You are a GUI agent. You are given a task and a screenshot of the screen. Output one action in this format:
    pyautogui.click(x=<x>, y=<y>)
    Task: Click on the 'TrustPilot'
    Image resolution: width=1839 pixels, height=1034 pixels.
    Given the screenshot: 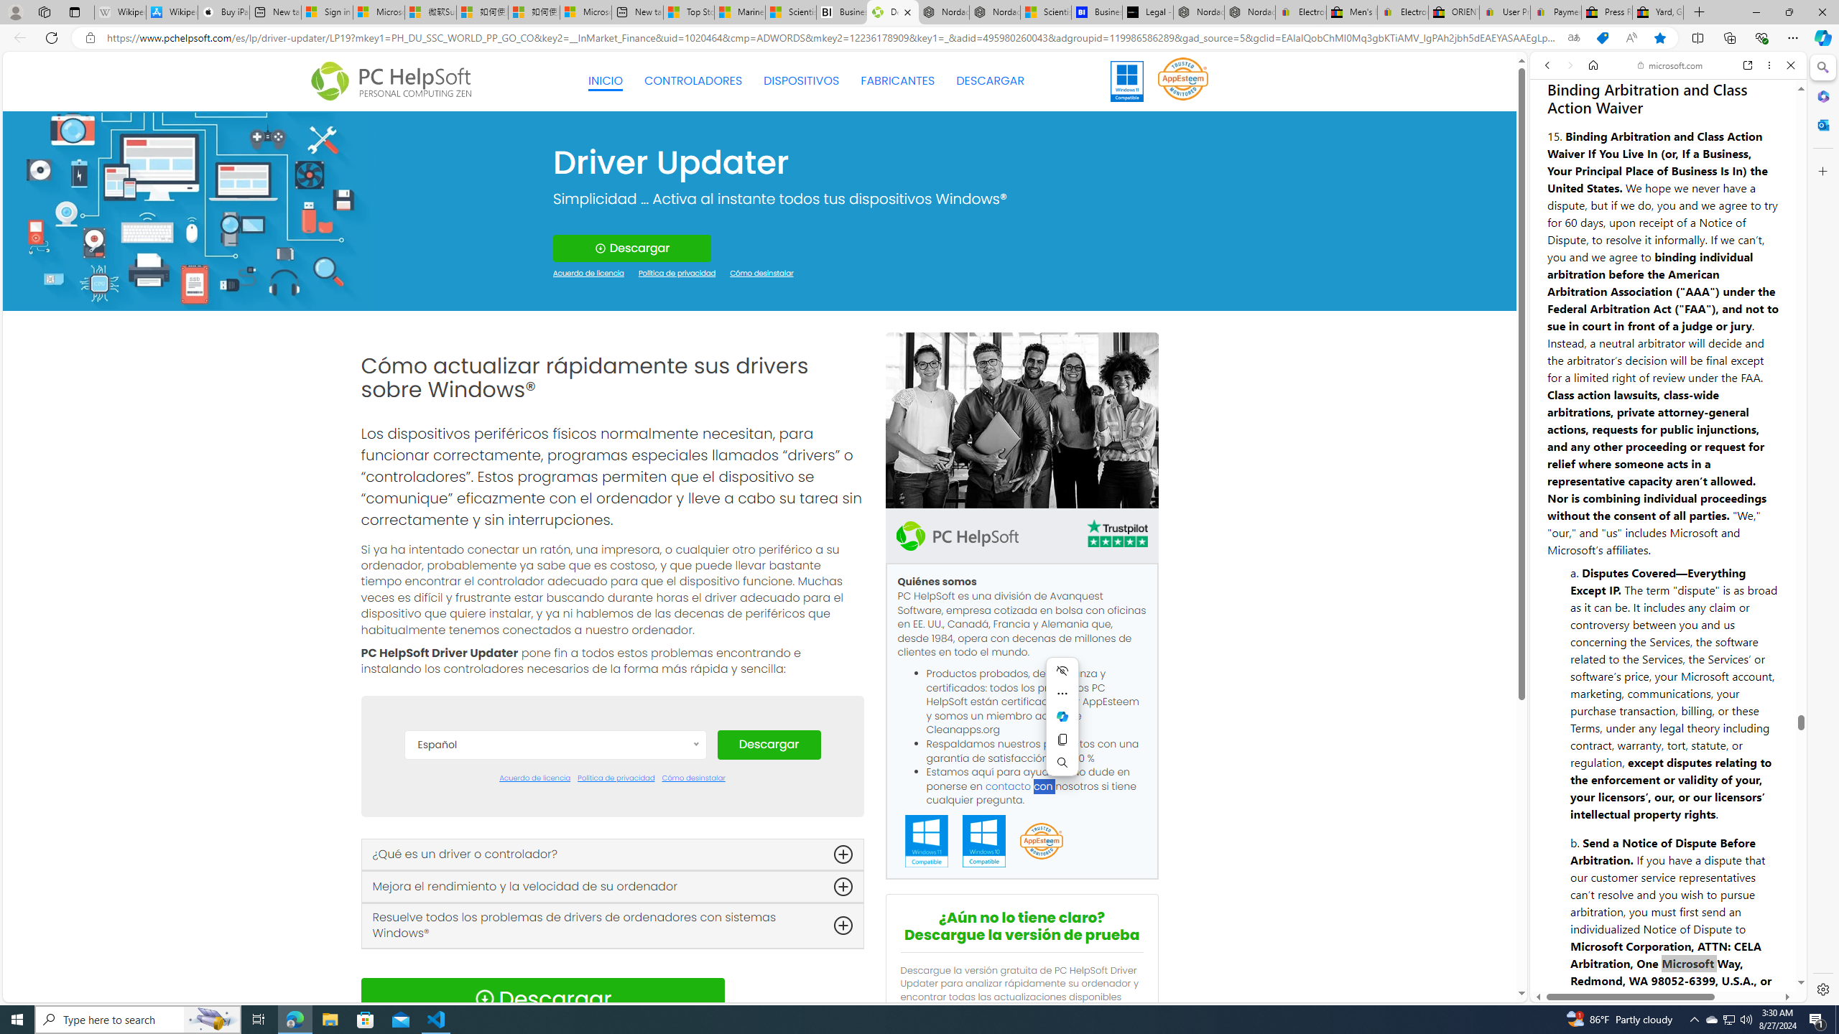 What is the action you would take?
    pyautogui.click(x=1116, y=536)
    